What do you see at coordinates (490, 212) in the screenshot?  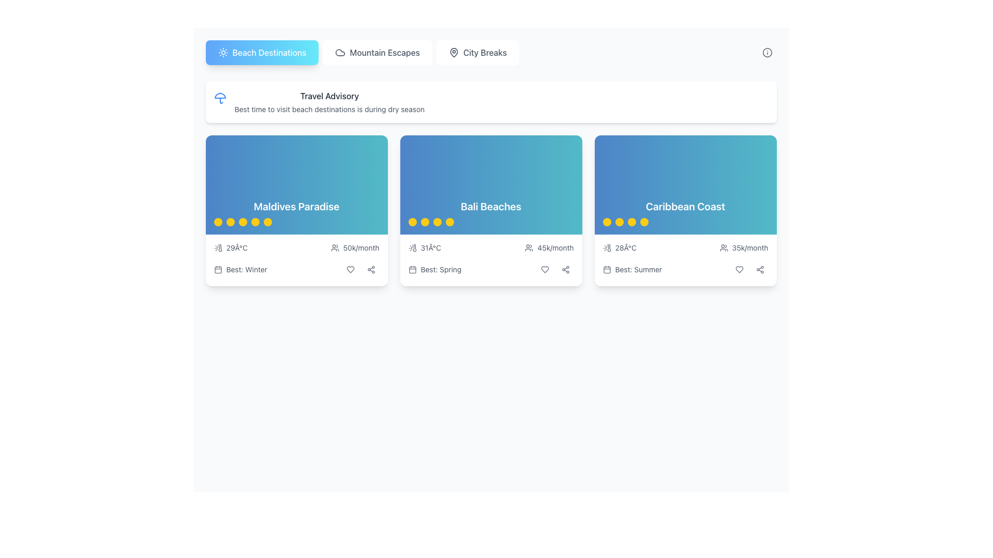 I see `the text label that identifies the content related to 'Bali Beaches' located at the bottom center of the middle card in a triplet of cards` at bounding box center [490, 212].